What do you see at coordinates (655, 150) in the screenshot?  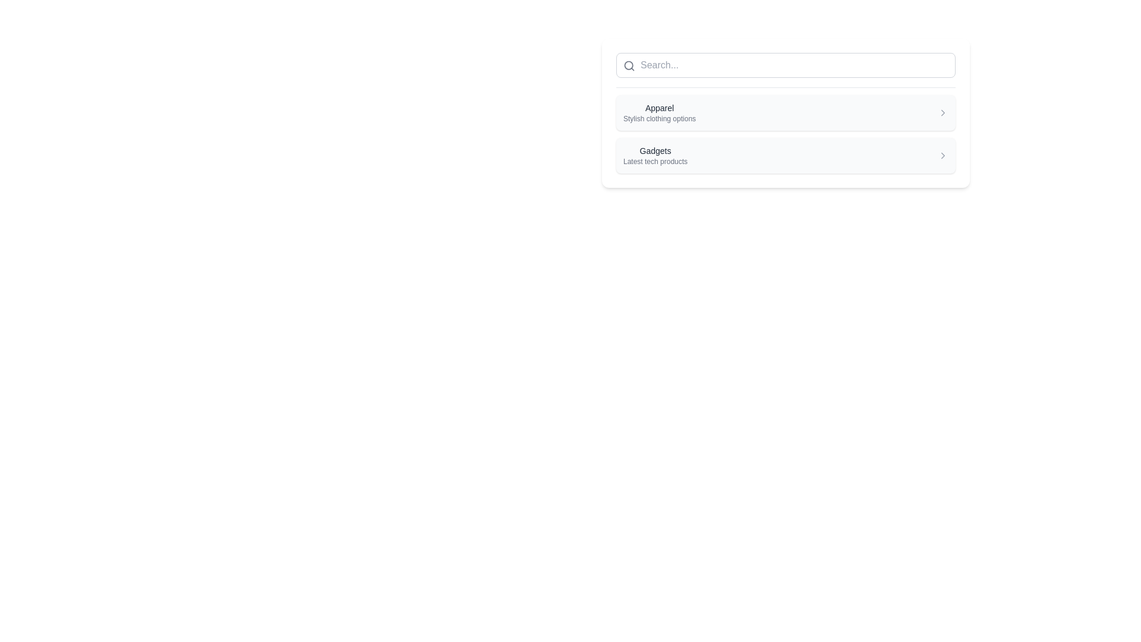 I see `the text label that serves as a category label for gadgets, located below the 'Latest tech products' subtitle` at bounding box center [655, 150].